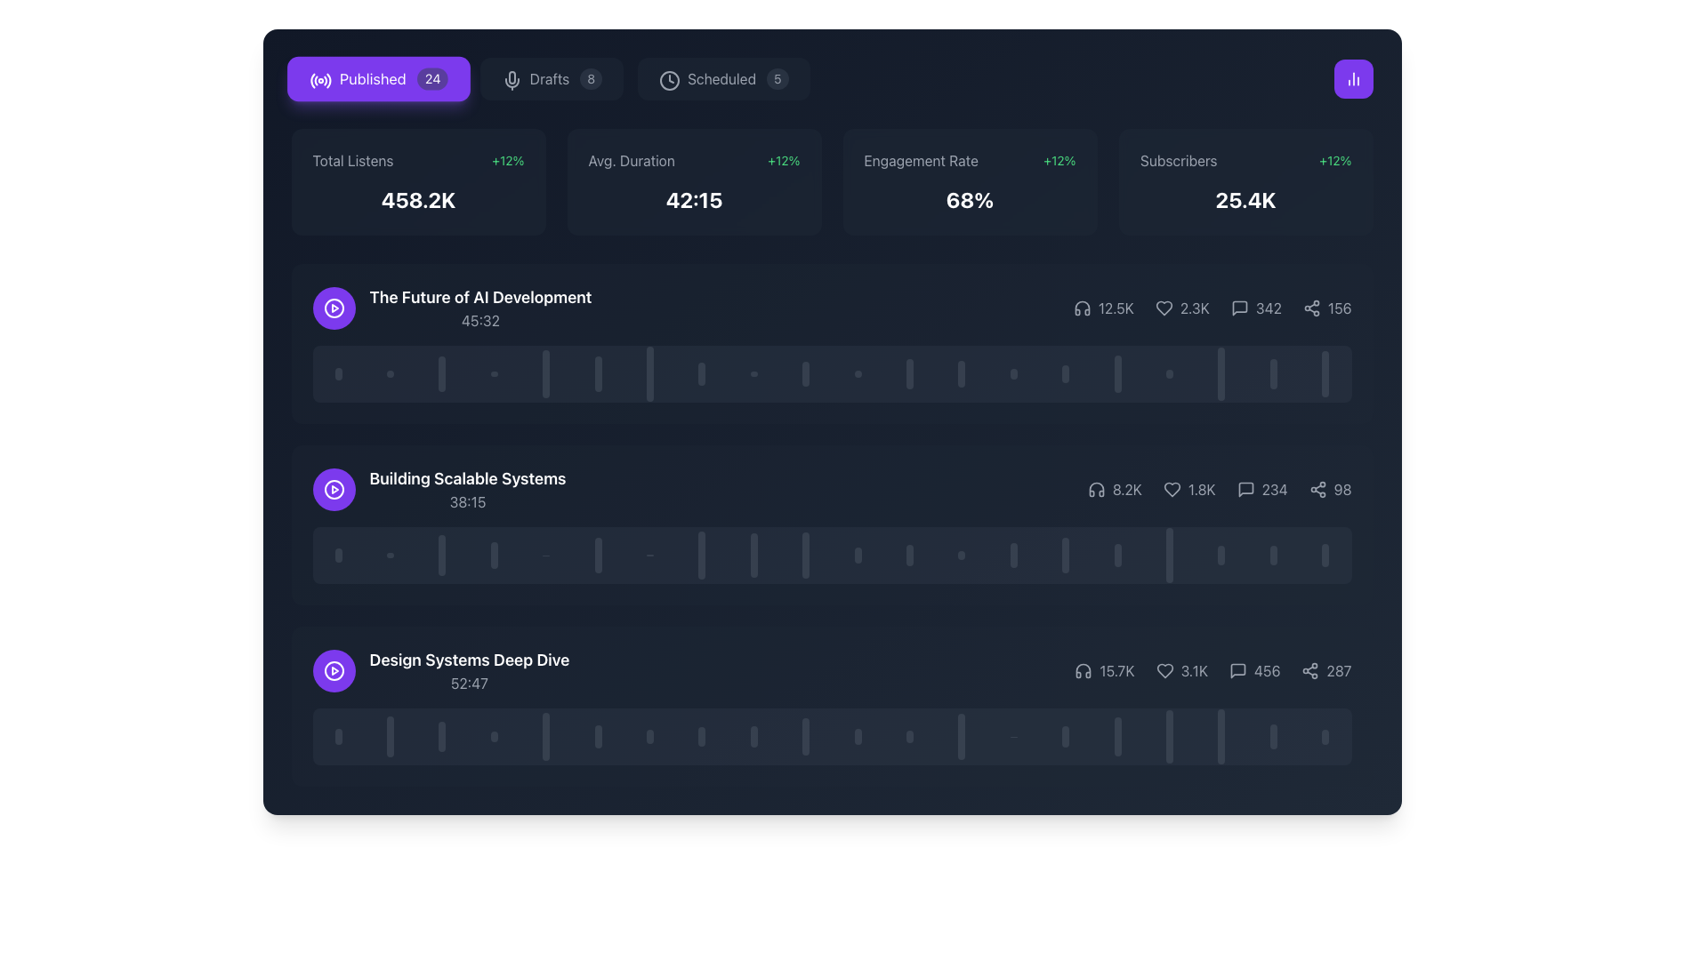 This screenshot has width=1708, height=960. What do you see at coordinates (831, 372) in the screenshot?
I see `the visual pattern of the elongated rectangular waveform indicator located within the card labeled 'The Future of AI Development', positioned below the title and above the statistics or icons` at bounding box center [831, 372].